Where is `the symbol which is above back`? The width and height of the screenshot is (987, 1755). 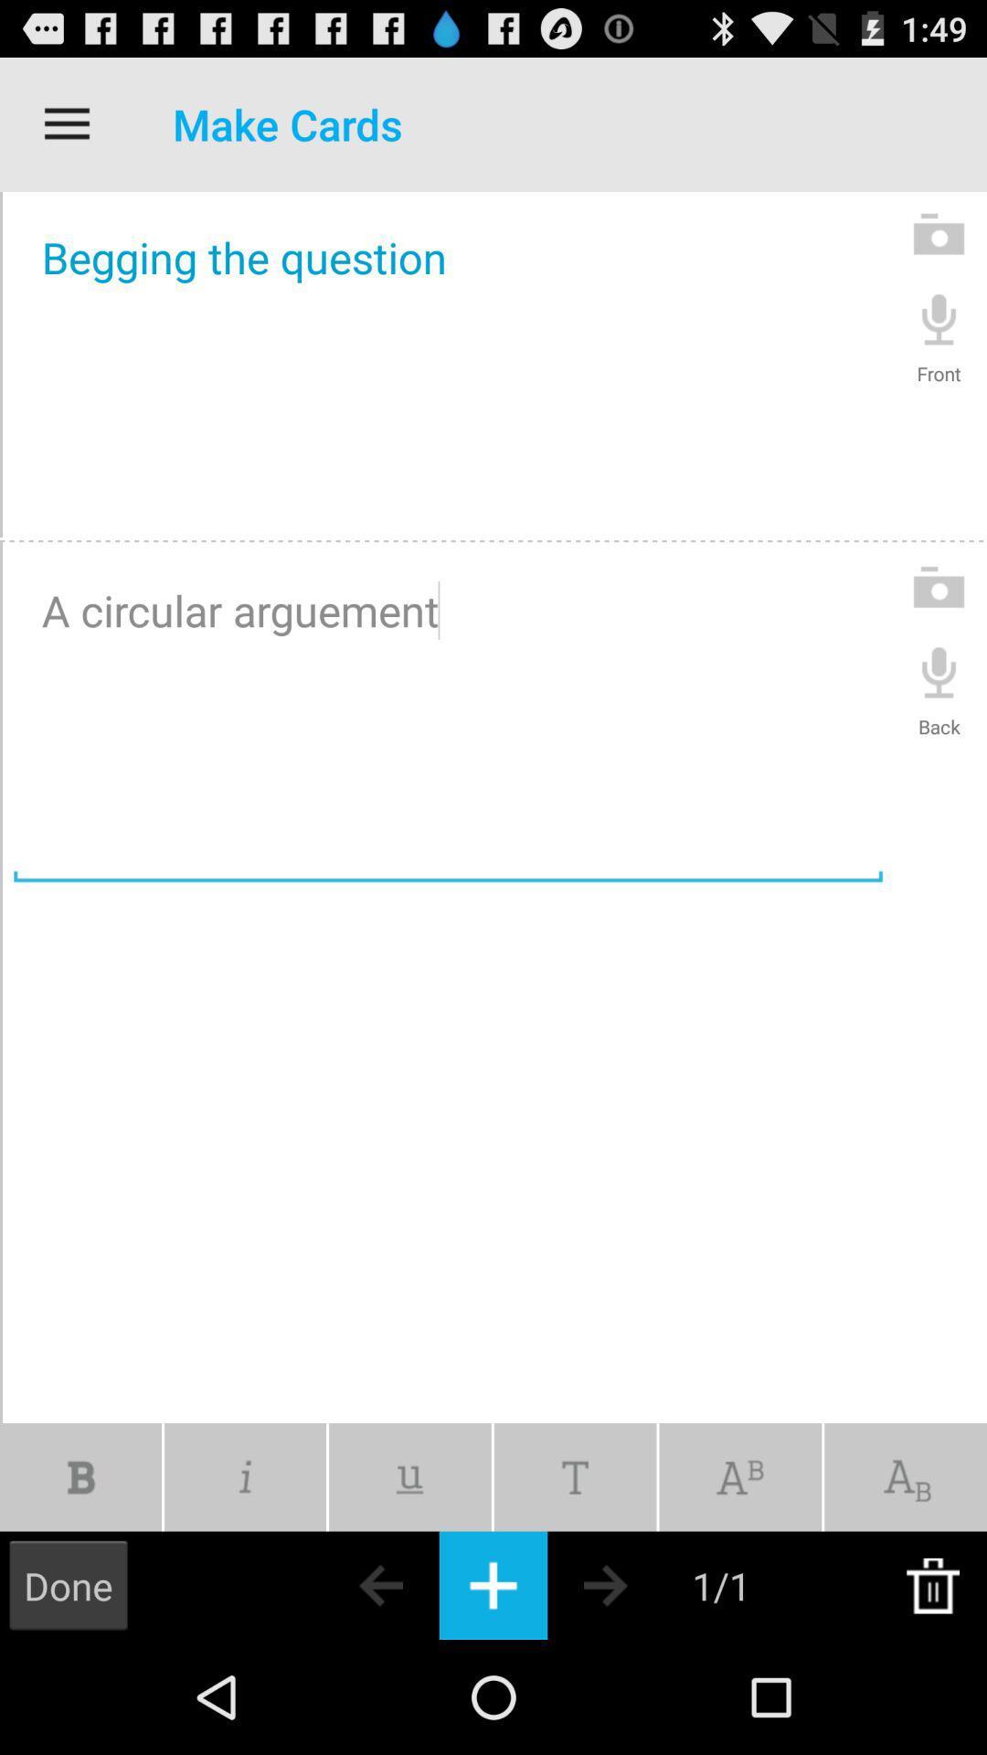 the symbol which is above back is located at coordinates (939, 670).